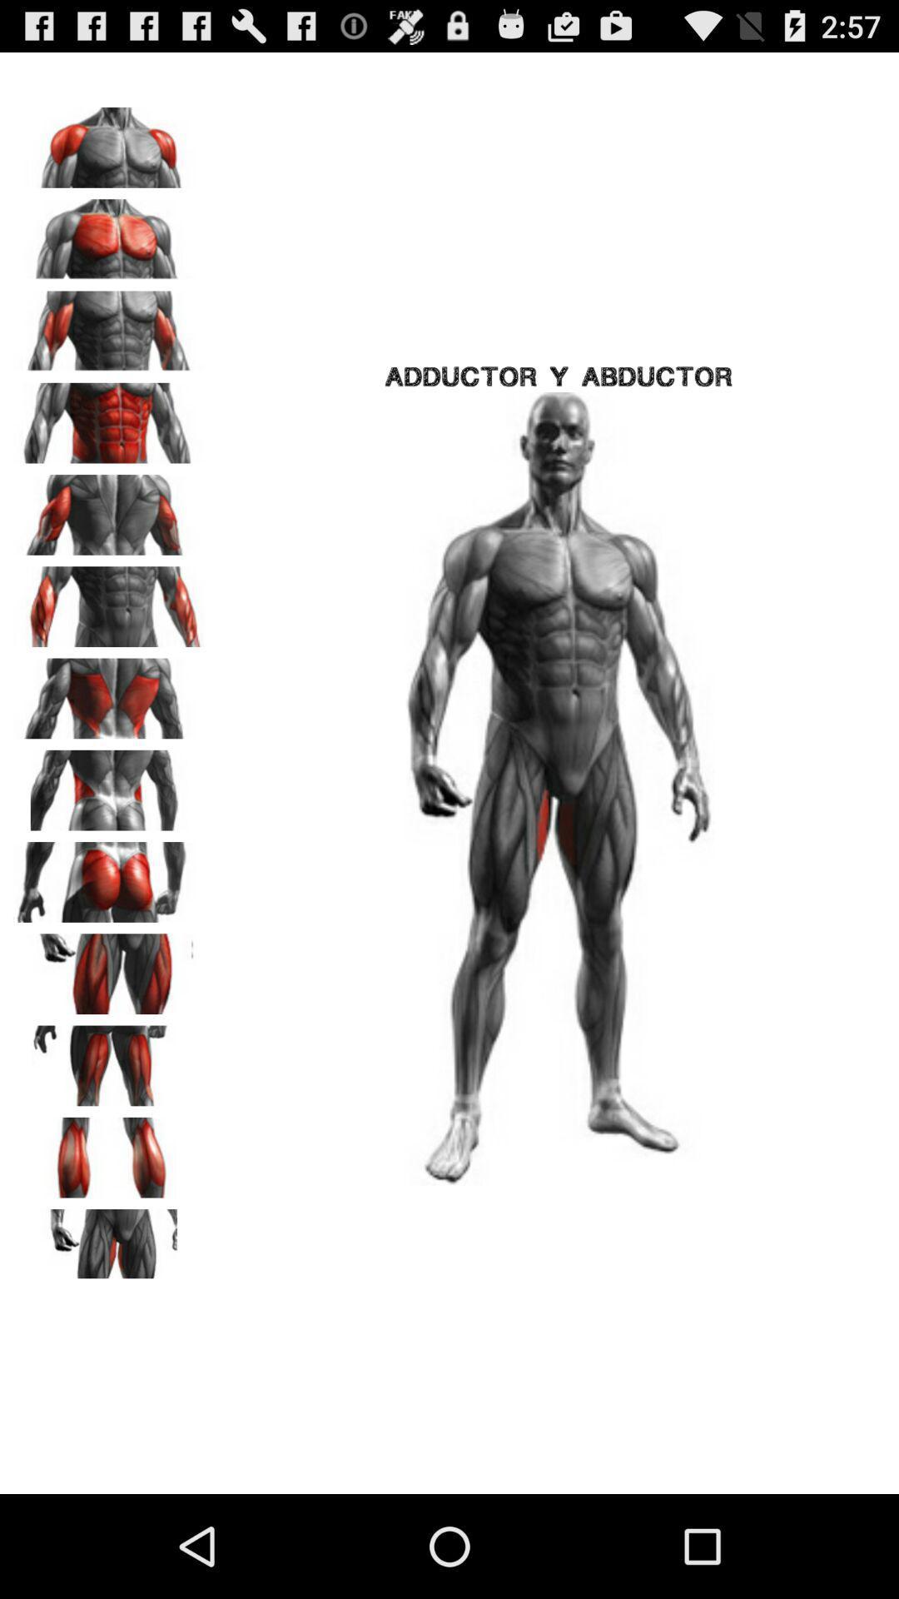 This screenshot has width=899, height=1599. What do you see at coordinates (109, 693) in the screenshot?
I see `zoom to body part` at bounding box center [109, 693].